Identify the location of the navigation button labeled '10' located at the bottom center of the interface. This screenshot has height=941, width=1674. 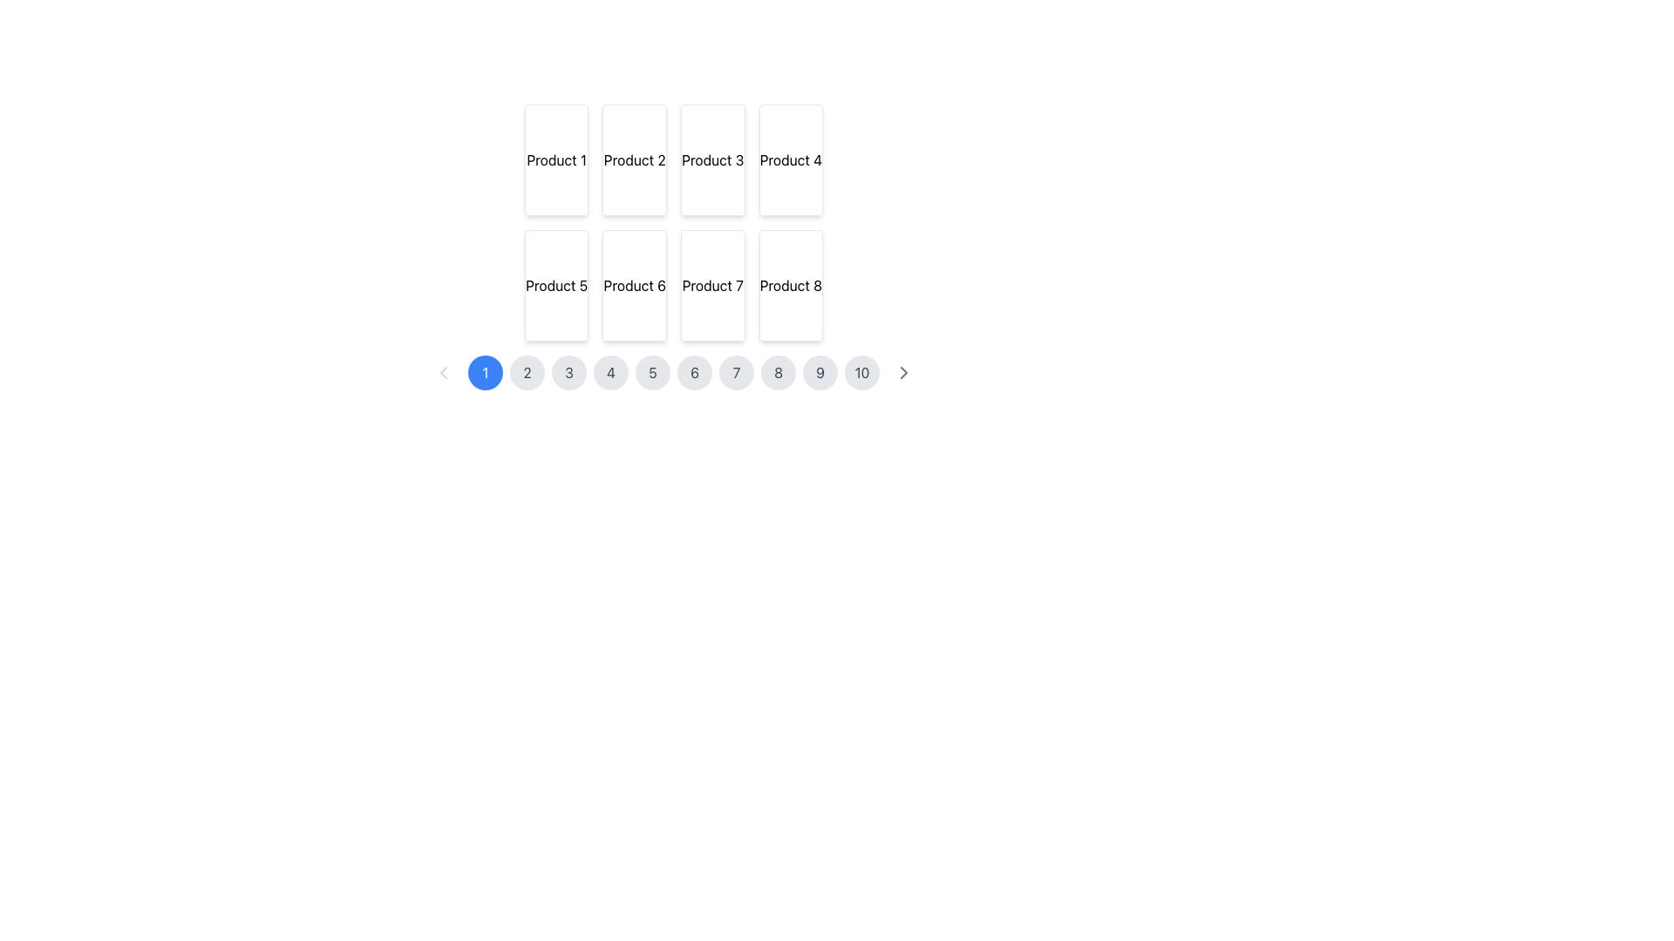
(861, 372).